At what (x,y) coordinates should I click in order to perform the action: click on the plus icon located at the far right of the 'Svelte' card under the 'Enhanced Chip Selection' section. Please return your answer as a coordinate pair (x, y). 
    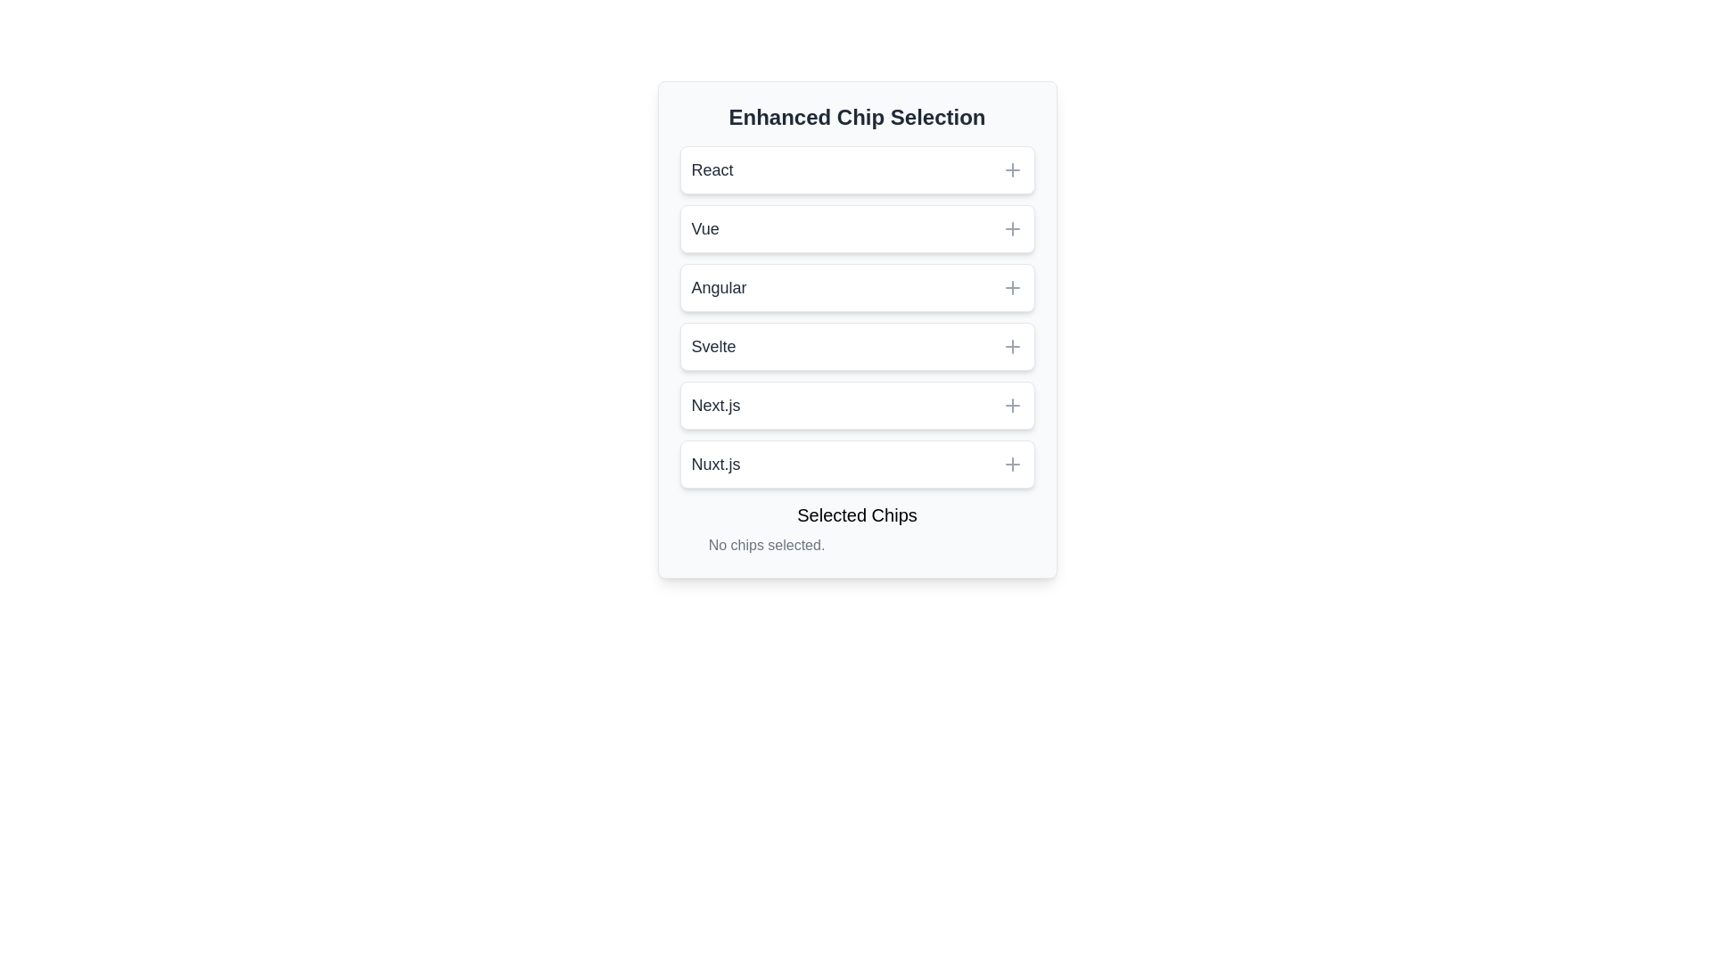
    Looking at the image, I should click on (1012, 347).